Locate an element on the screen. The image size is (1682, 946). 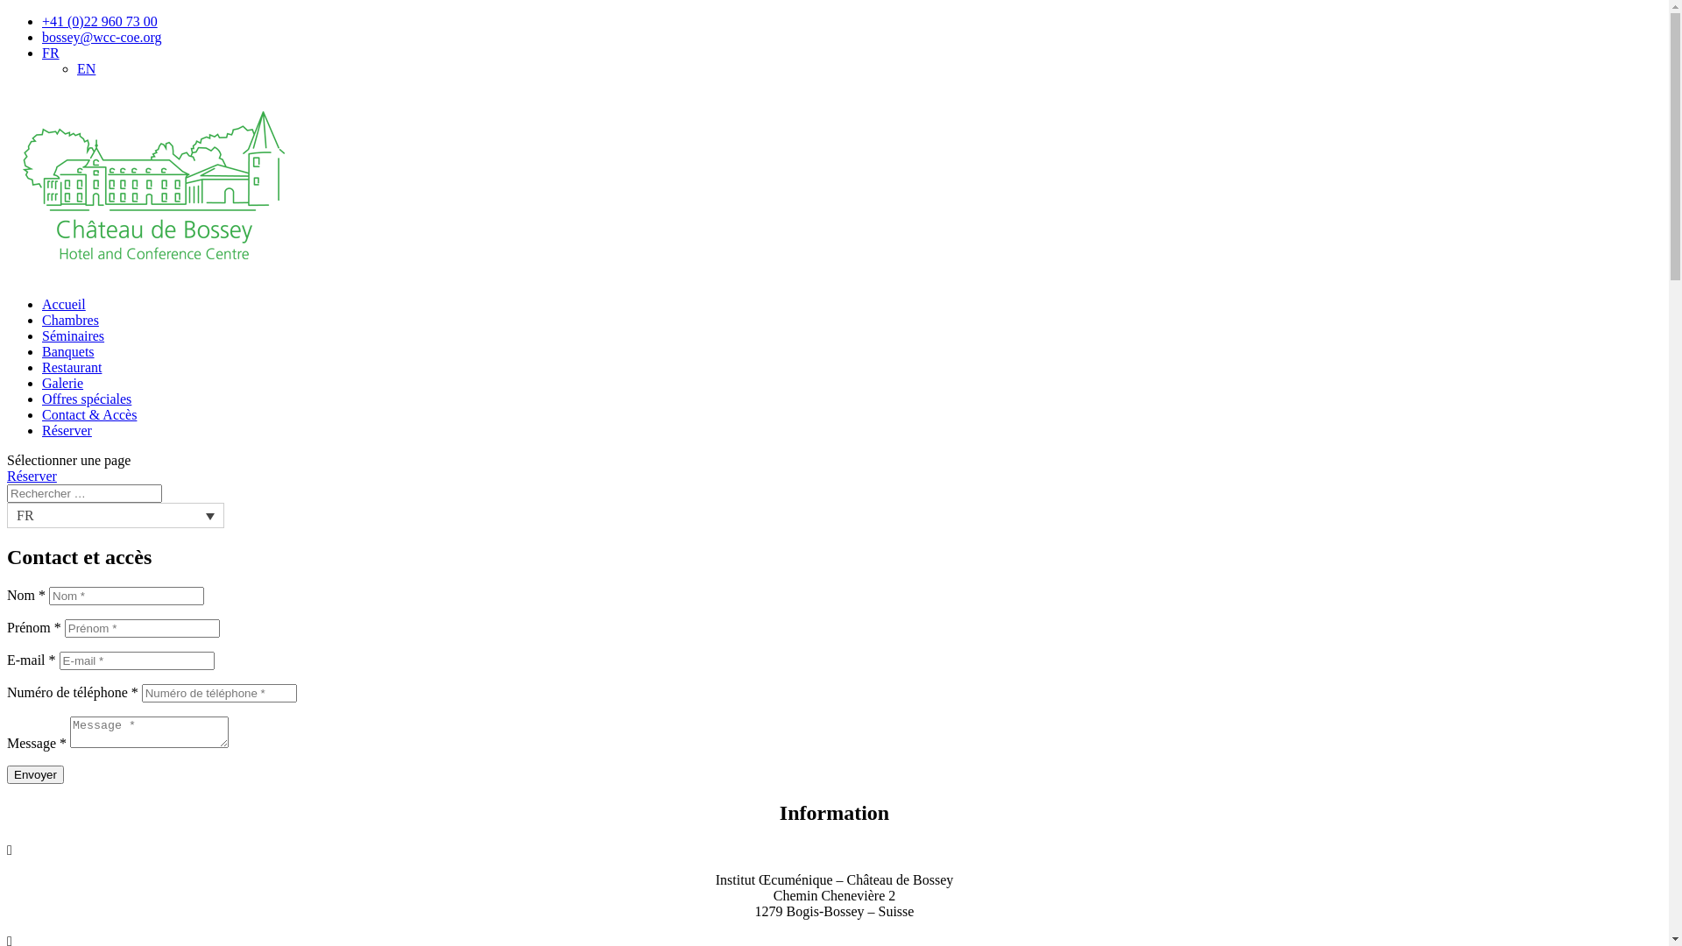
'Banquets' is located at coordinates (67, 351).